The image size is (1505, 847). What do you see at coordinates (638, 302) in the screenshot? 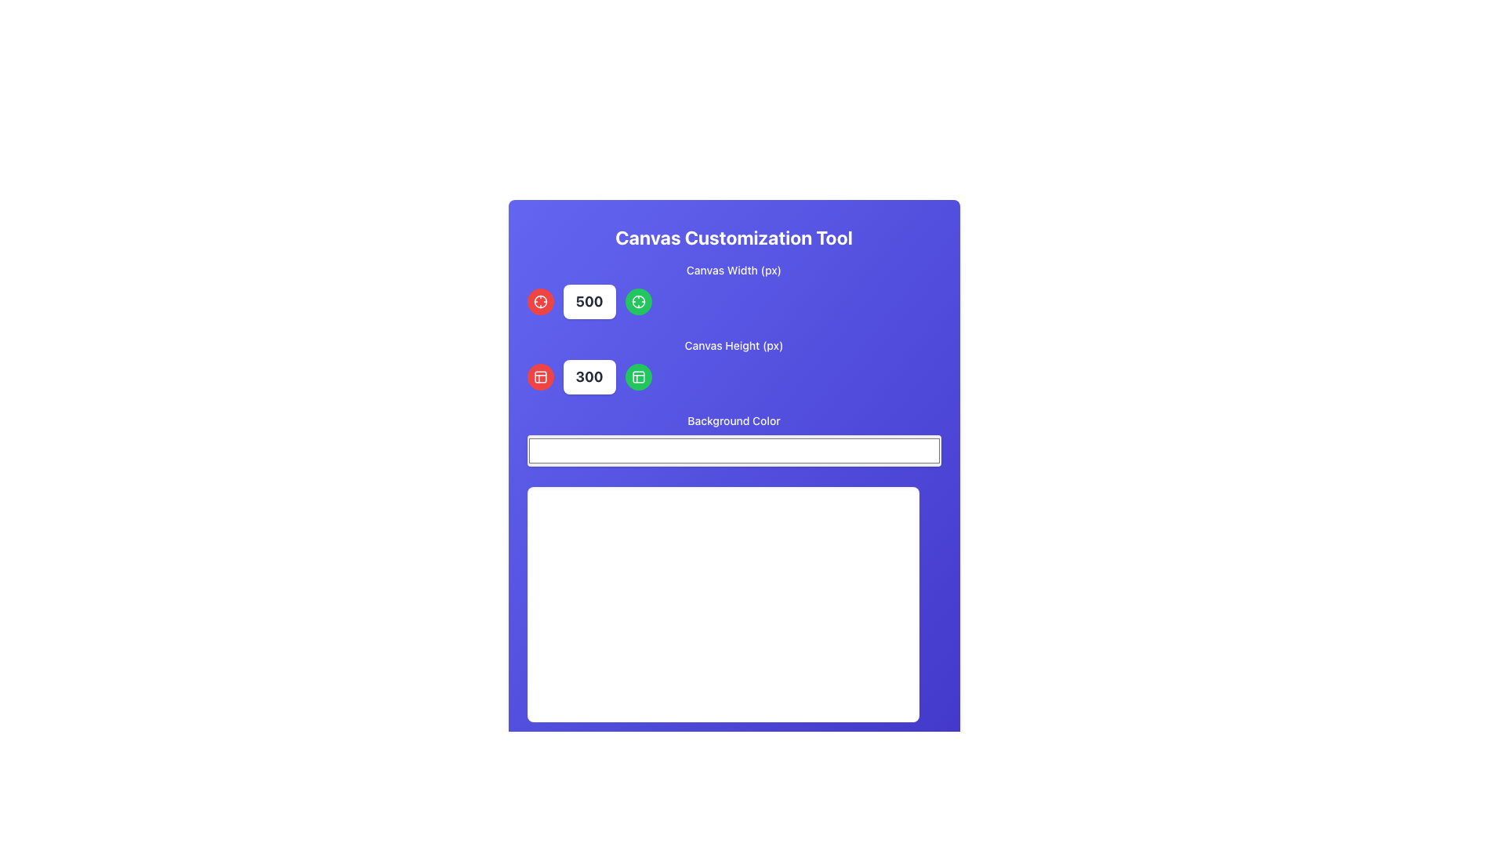
I see `the button located immediately to the right of the input box displaying '500' in the 'Canvas Width (px)' section` at bounding box center [638, 302].